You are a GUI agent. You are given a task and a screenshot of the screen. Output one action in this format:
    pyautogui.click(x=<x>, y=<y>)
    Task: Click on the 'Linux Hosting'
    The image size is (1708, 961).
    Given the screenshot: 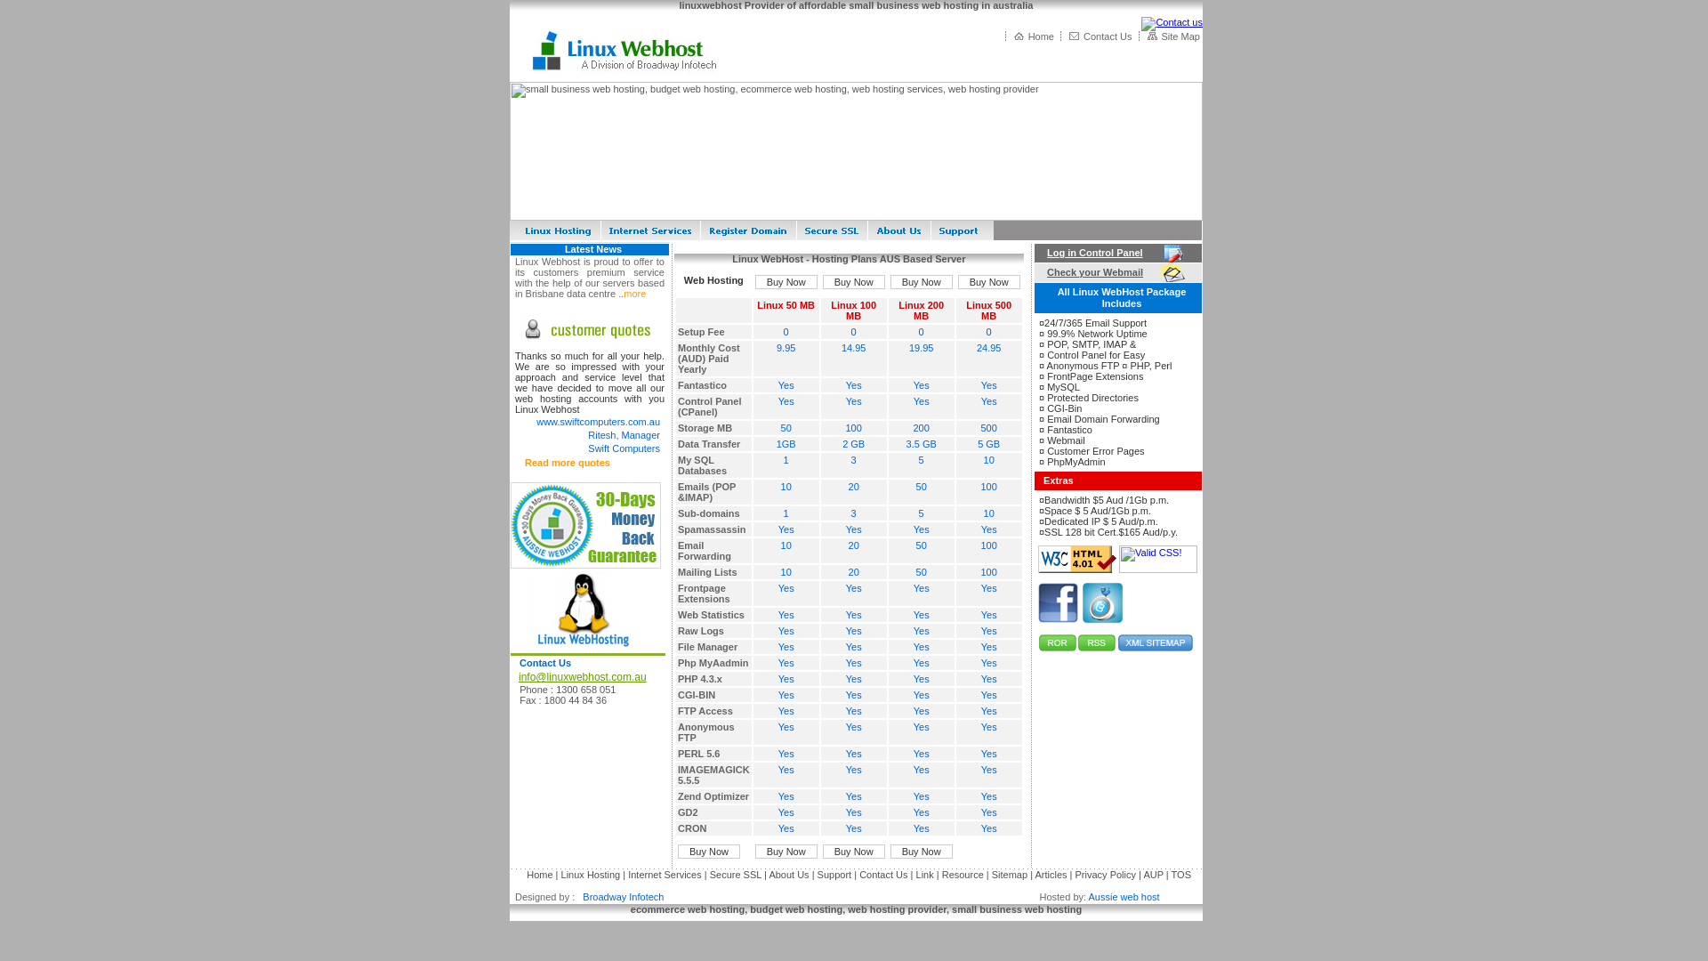 What is the action you would take?
    pyautogui.click(x=591, y=874)
    